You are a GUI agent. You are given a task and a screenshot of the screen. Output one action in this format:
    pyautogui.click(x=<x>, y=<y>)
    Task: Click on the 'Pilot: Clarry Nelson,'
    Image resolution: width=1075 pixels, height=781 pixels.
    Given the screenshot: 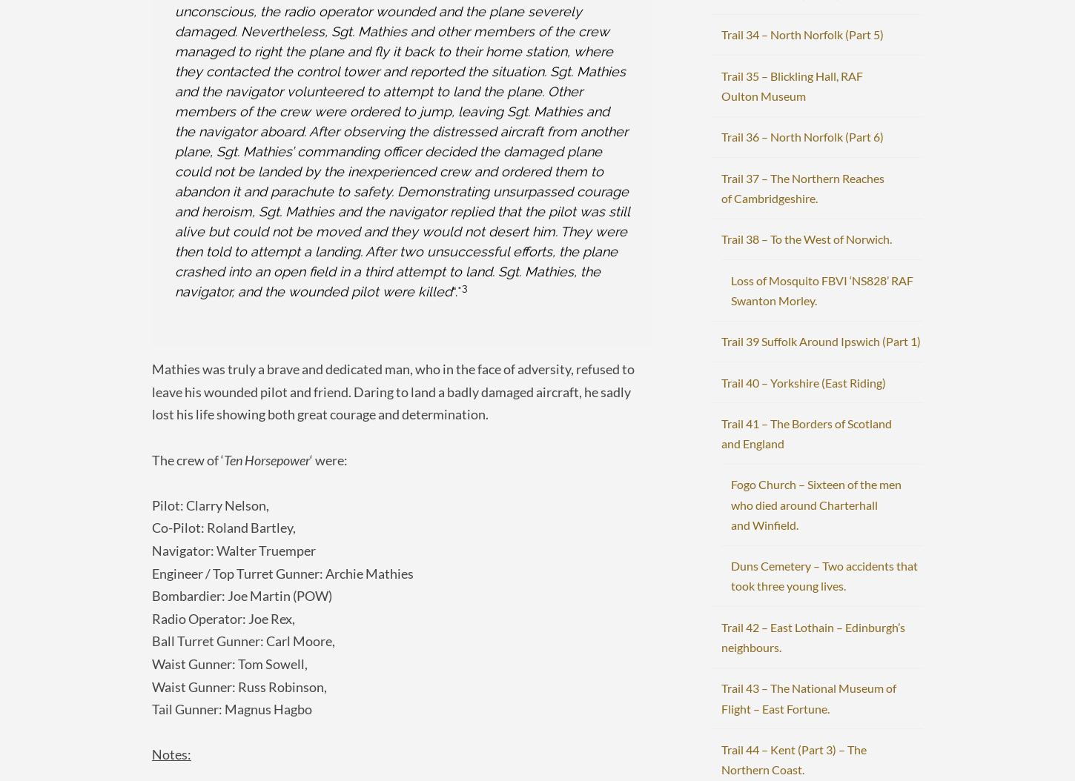 What is the action you would take?
    pyautogui.click(x=211, y=504)
    